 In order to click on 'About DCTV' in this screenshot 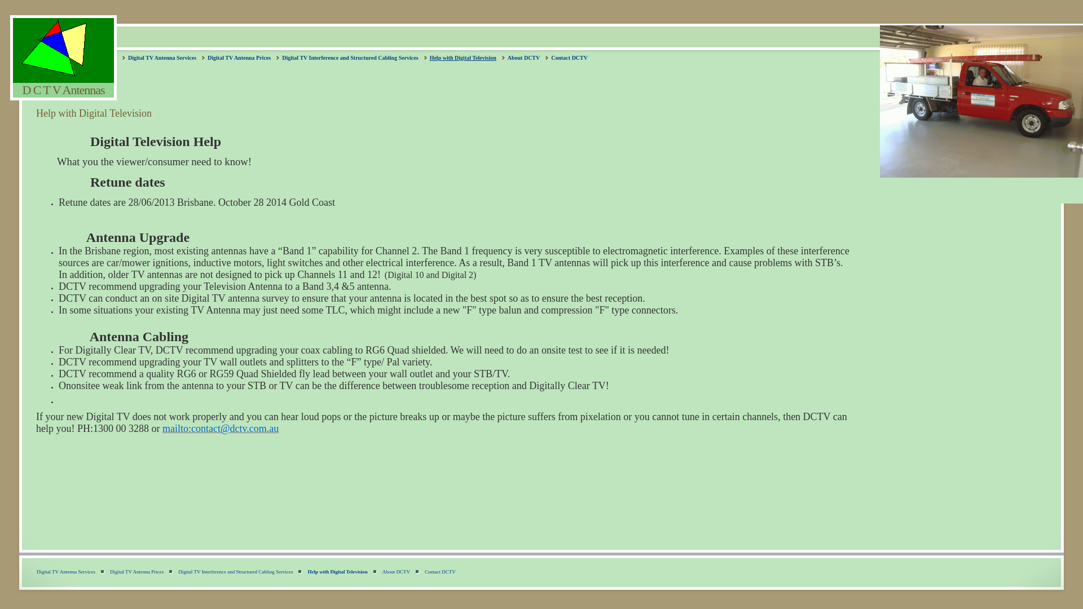, I will do `click(507, 58)`.